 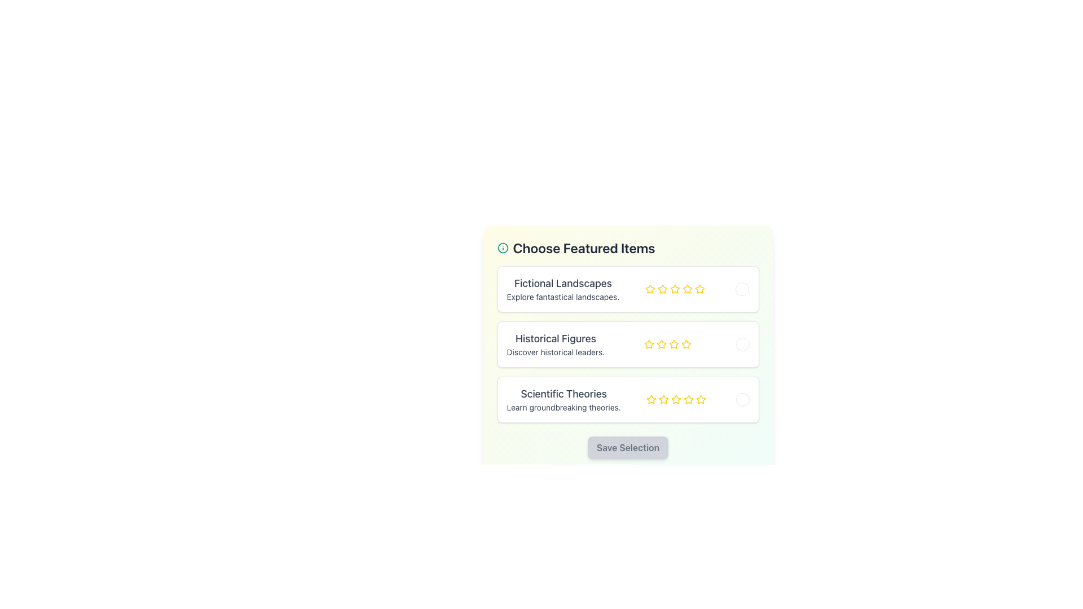 I want to click on the fourth star in the horizontal sequence of rating icons for the 'Historical Figures' card, so click(x=674, y=343).